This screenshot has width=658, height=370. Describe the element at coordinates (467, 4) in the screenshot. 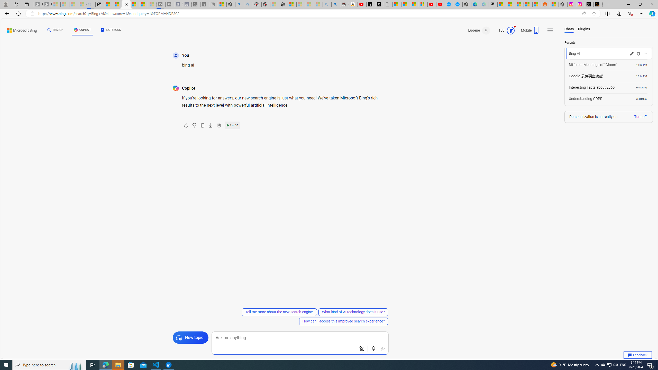

I see `'Nordace - Nordace has arrived Hong Kong'` at that location.